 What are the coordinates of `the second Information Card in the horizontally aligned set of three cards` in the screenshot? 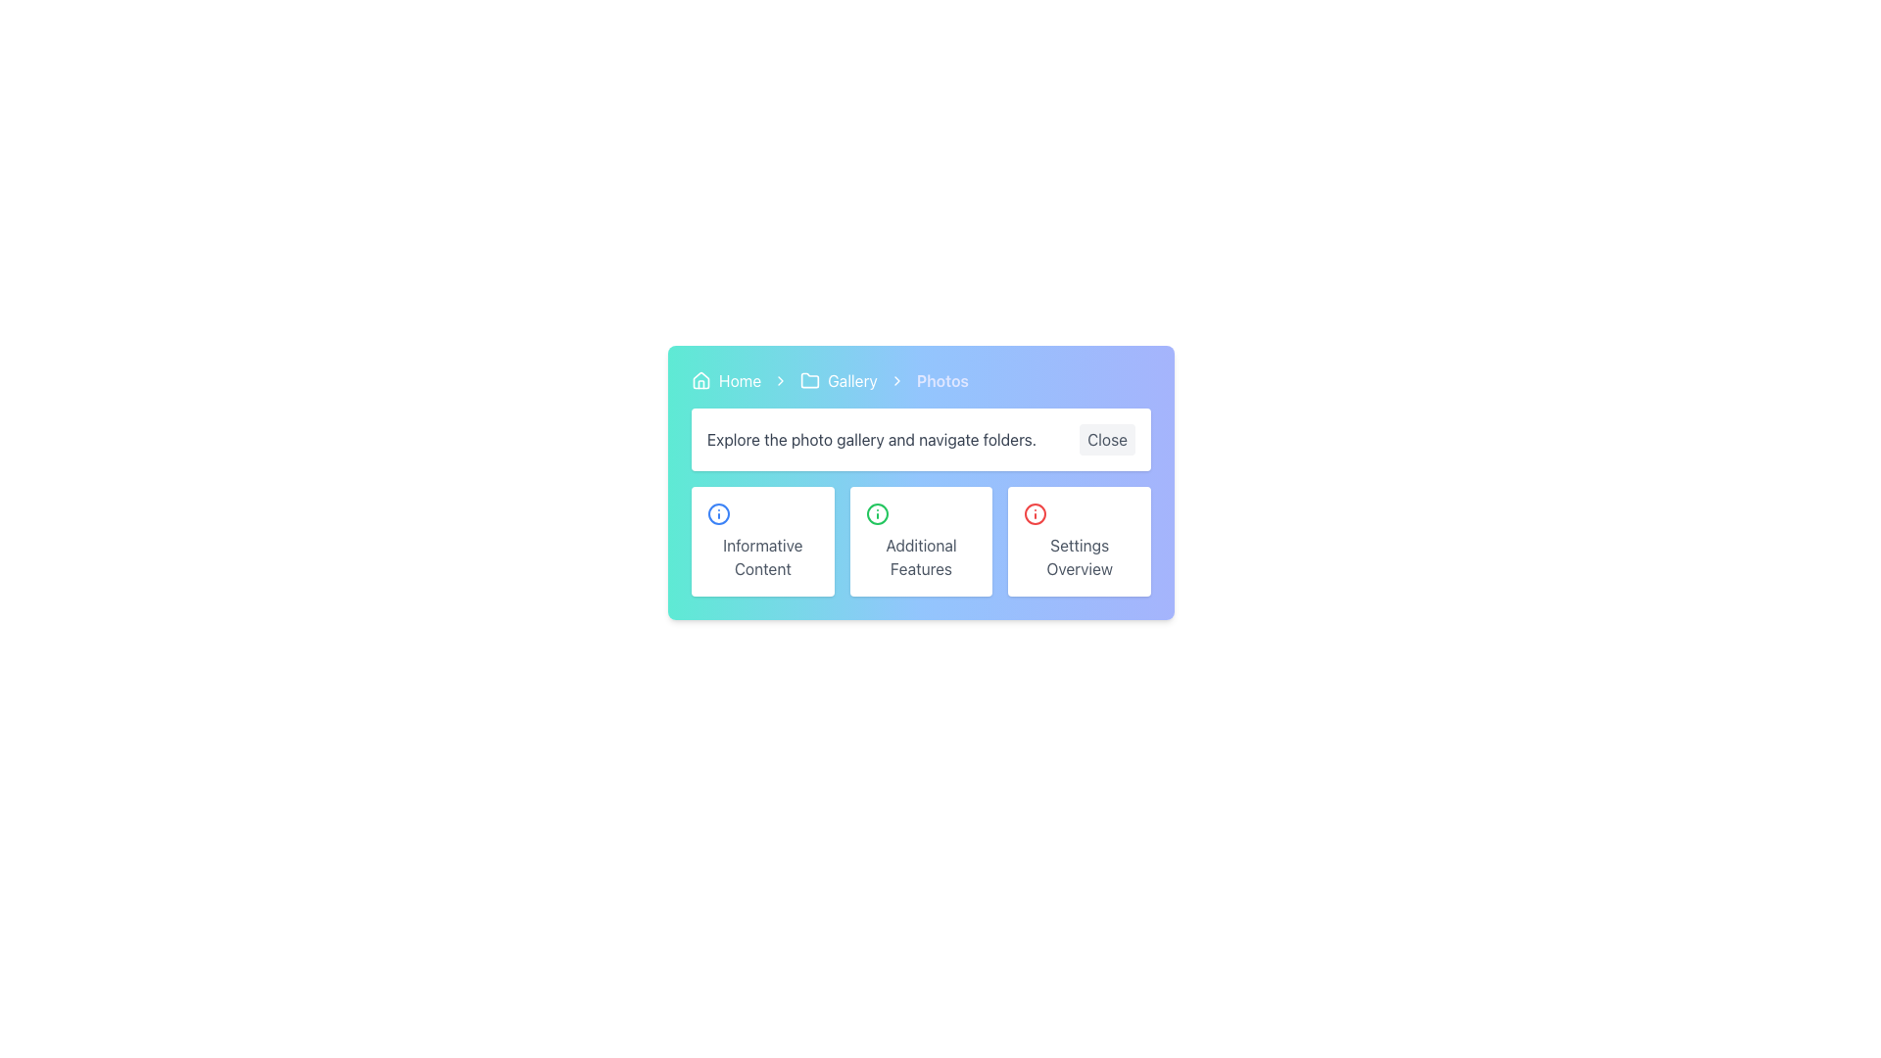 It's located at (920, 554).